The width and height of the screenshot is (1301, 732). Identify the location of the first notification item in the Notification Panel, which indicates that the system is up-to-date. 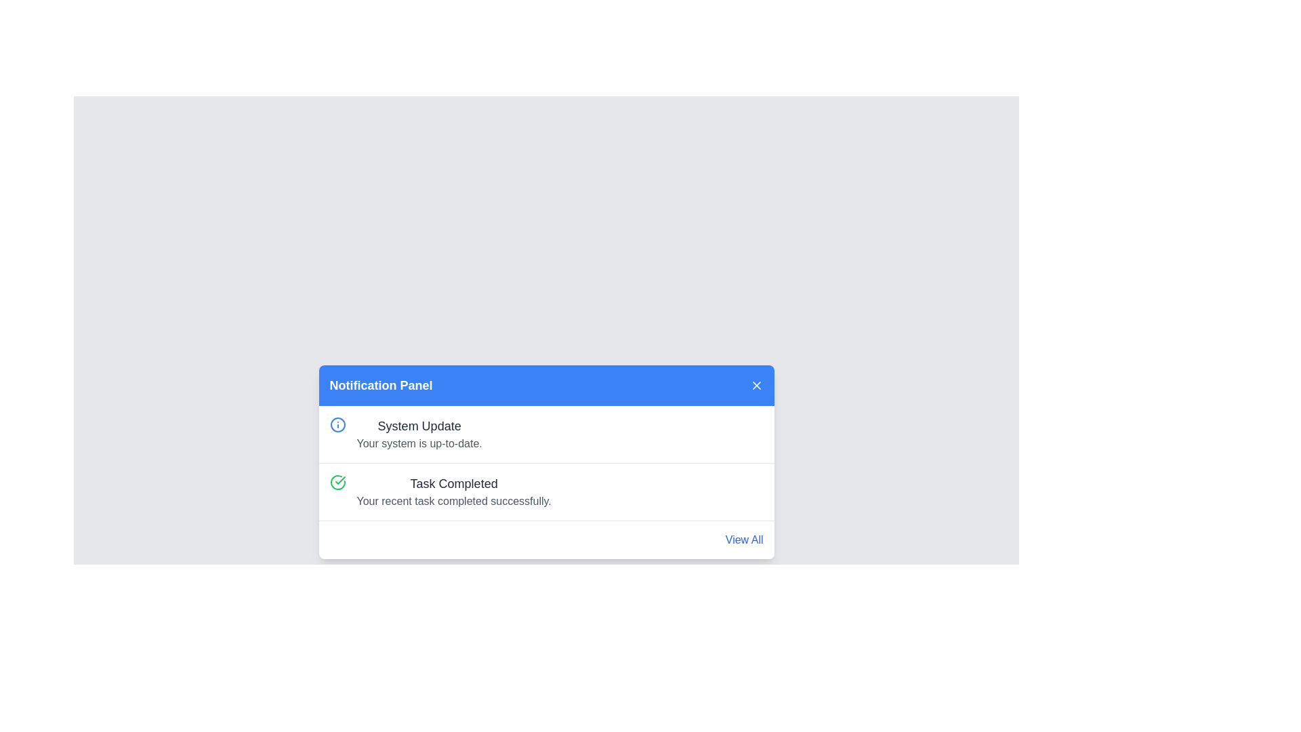
(546, 434).